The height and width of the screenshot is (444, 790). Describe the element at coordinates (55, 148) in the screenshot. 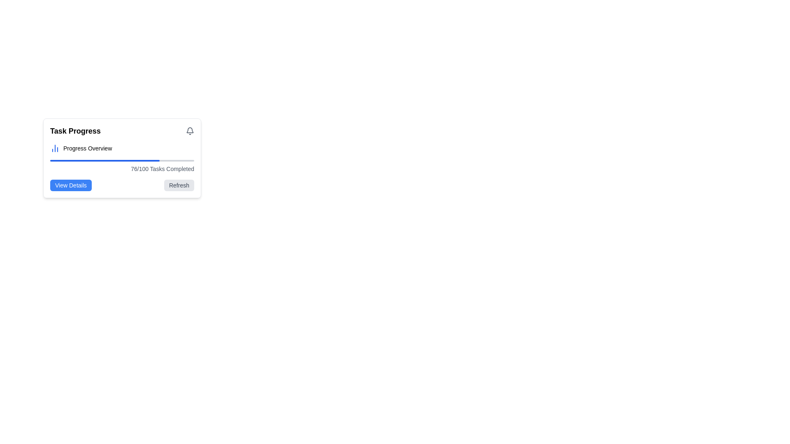

I see `the appearance of the icon representing the 'Progress Overview' feature, located to the left of the 'Progress Overview' label` at that location.